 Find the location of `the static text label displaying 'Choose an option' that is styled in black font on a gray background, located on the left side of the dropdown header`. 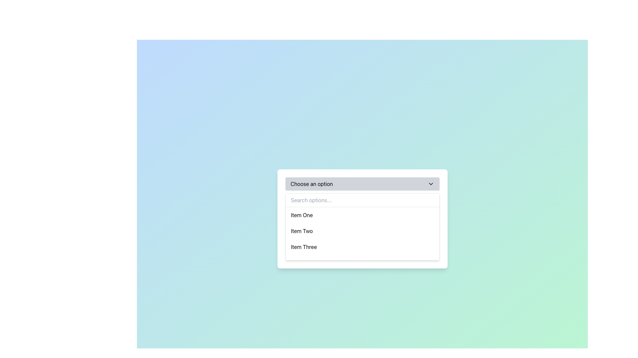

the static text label displaying 'Choose an option' that is styled in black font on a gray background, located on the left side of the dropdown header is located at coordinates (311, 184).